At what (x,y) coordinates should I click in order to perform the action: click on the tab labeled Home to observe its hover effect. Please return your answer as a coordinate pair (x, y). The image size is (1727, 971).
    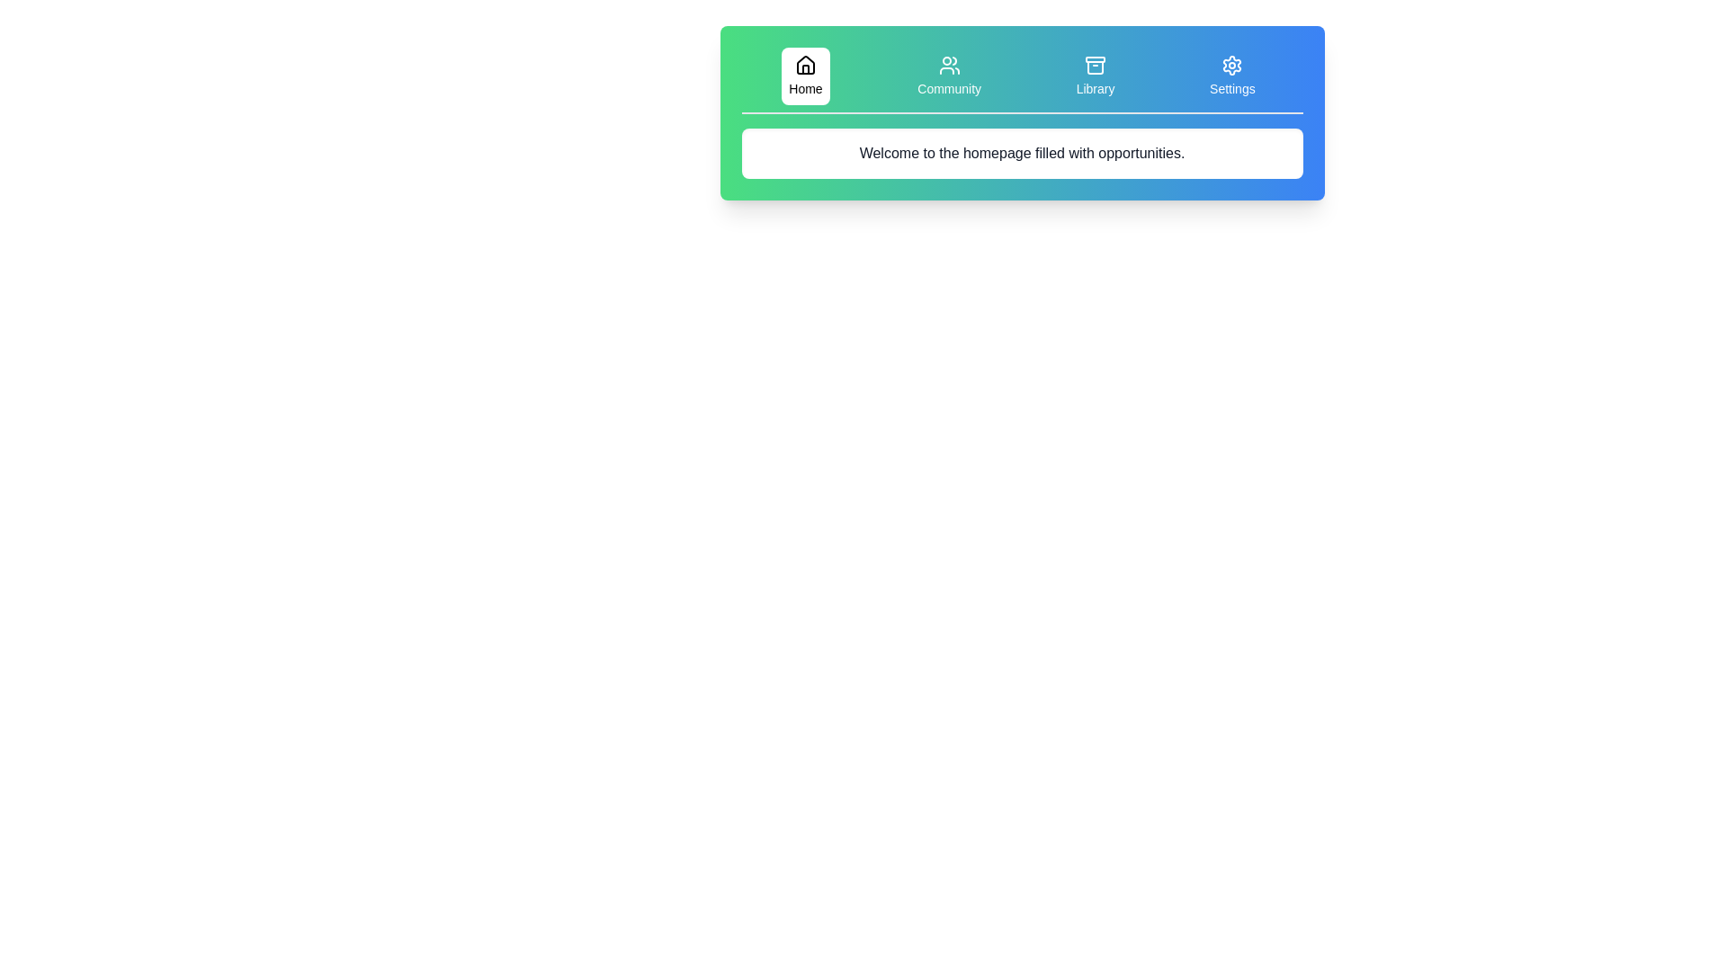
    Looking at the image, I should click on (805, 75).